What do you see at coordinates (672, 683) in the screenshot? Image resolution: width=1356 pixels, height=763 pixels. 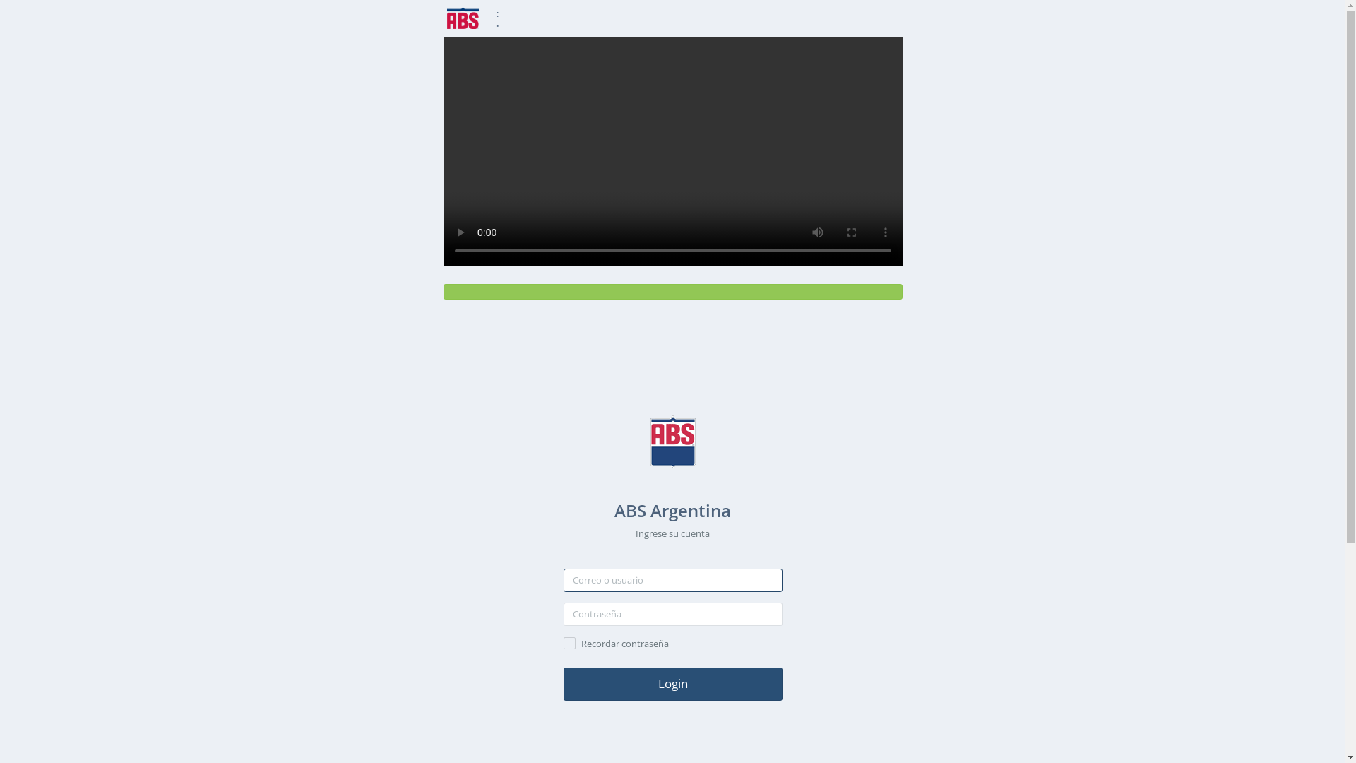 I see `'Login'` at bounding box center [672, 683].